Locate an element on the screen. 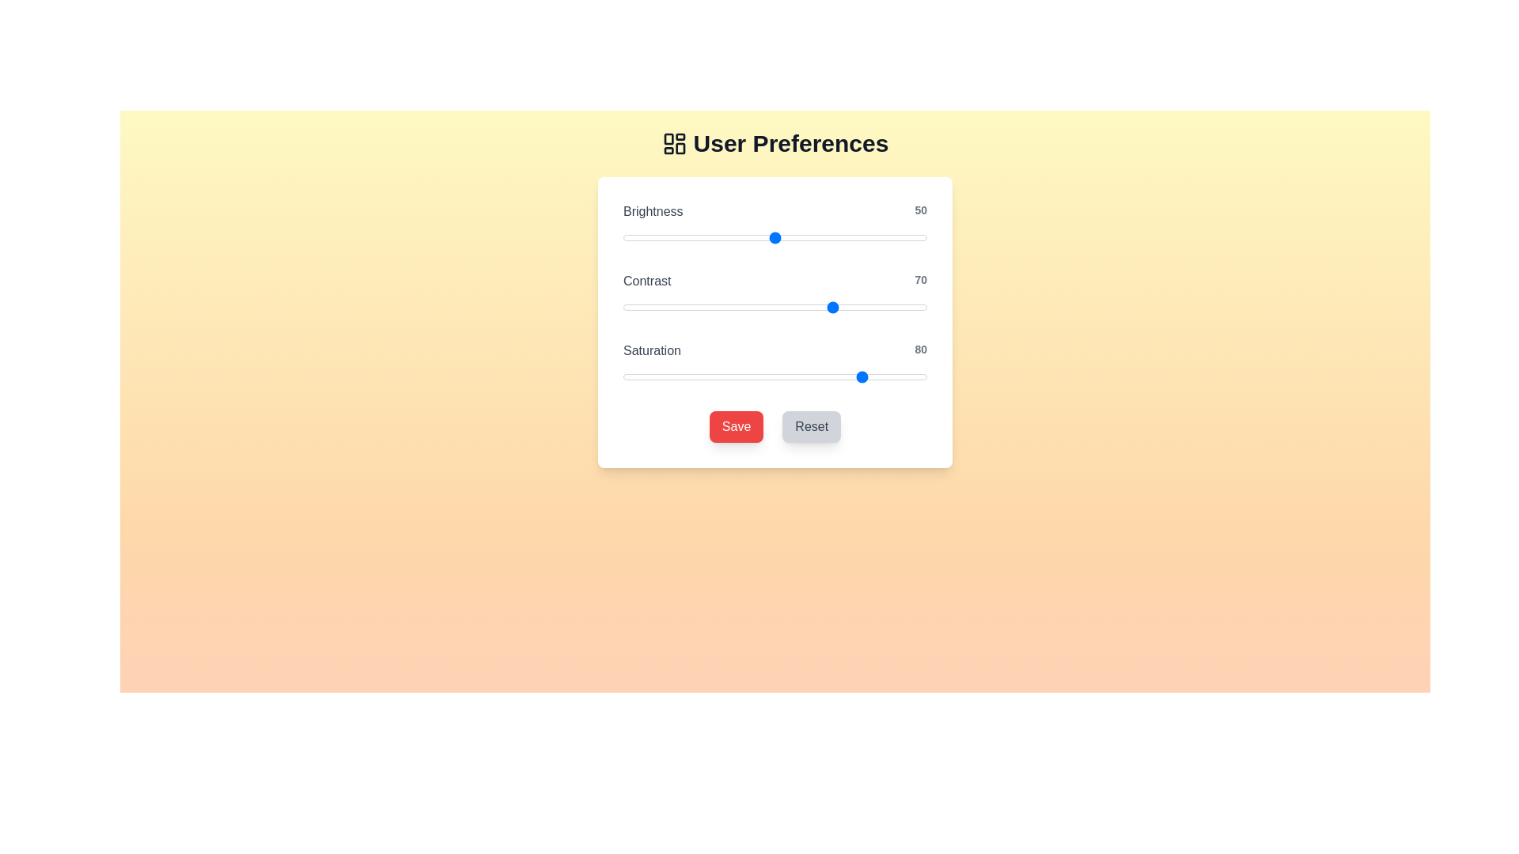  the 'Contrast' slider to the specified value 26 is located at coordinates (701, 308).